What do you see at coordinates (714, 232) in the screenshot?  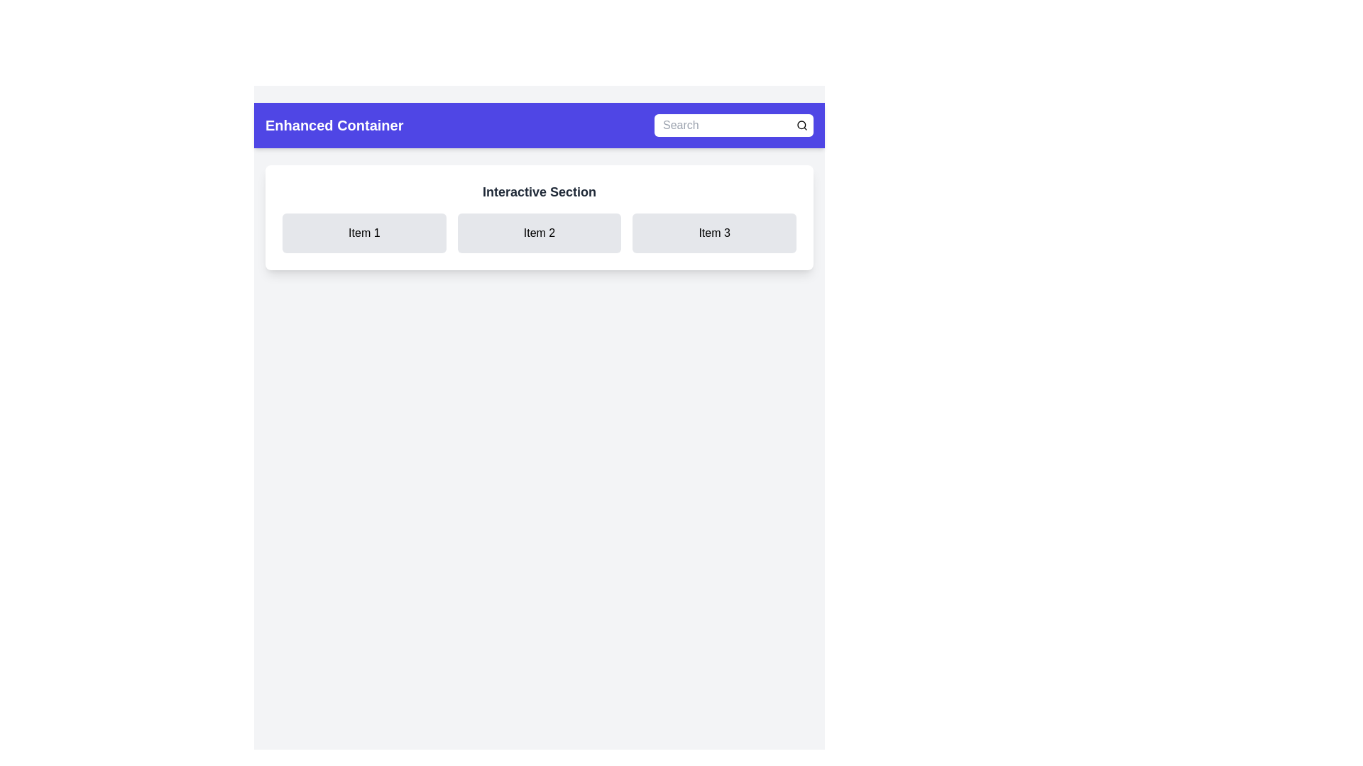 I see `the text label that reads 'Item 3', which is styled with center alignment and located within a light gray card under the 'Interactive Section'` at bounding box center [714, 232].